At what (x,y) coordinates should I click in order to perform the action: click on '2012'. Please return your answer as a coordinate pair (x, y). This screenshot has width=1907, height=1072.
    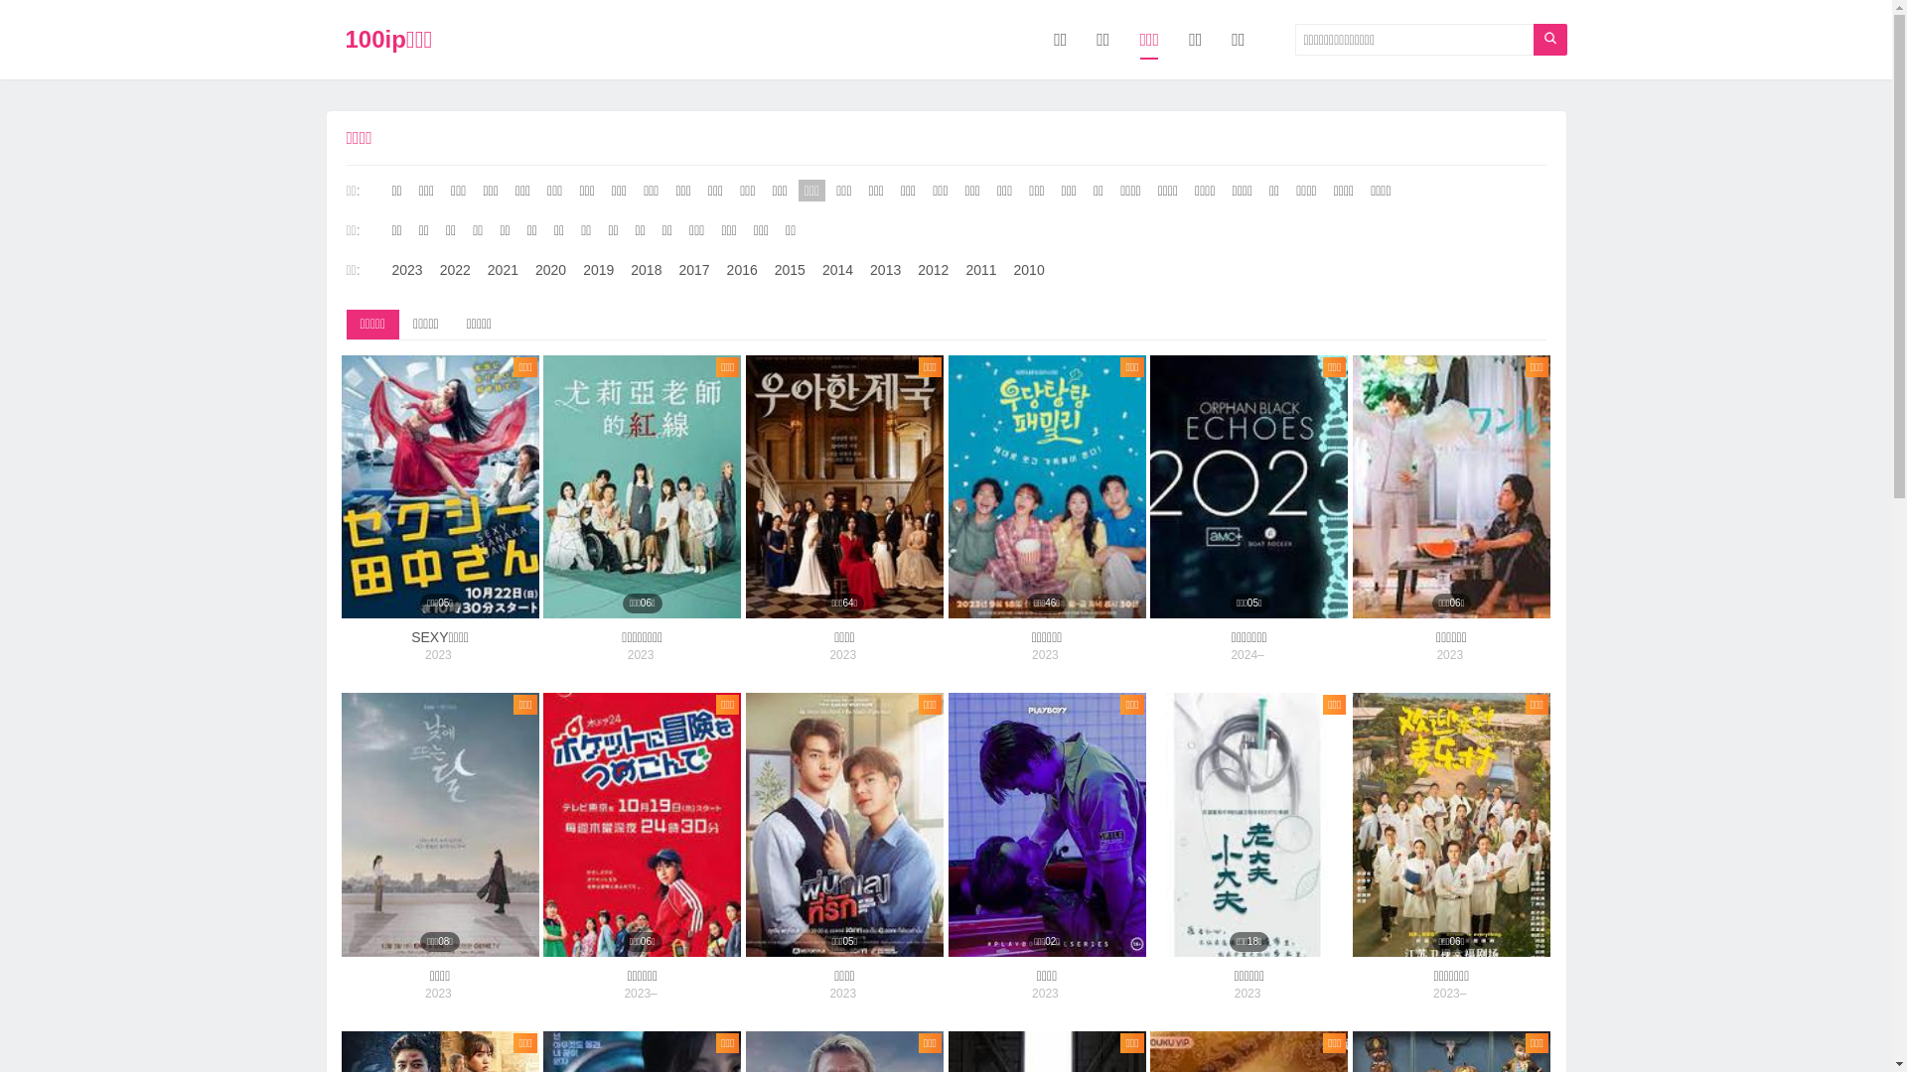
    Looking at the image, I should click on (932, 270).